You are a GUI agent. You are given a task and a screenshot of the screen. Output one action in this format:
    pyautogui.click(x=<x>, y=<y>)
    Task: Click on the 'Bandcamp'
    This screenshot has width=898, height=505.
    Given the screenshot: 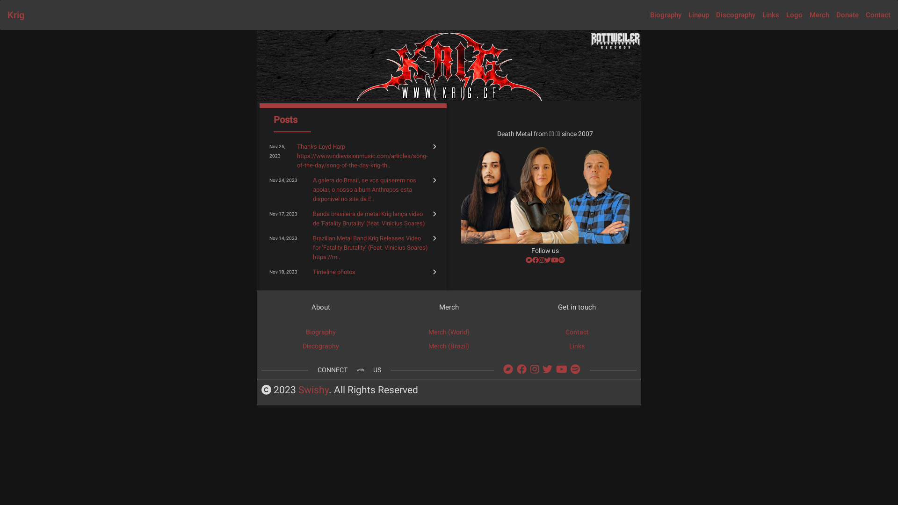 What is the action you would take?
    pyautogui.click(x=529, y=260)
    